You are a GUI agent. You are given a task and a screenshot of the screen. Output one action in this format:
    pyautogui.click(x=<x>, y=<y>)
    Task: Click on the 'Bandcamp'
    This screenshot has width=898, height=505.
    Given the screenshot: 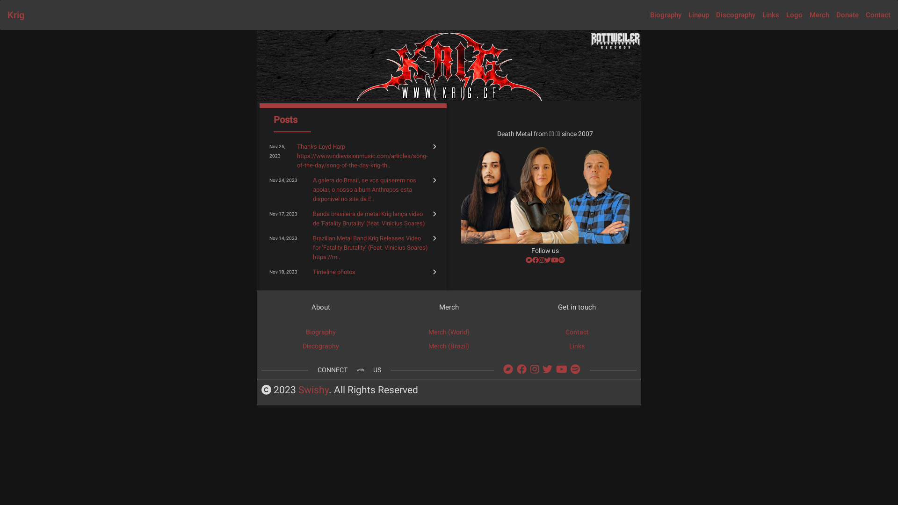 What is the action you would take?
    pyautogui.click(x=529, y=260)
    